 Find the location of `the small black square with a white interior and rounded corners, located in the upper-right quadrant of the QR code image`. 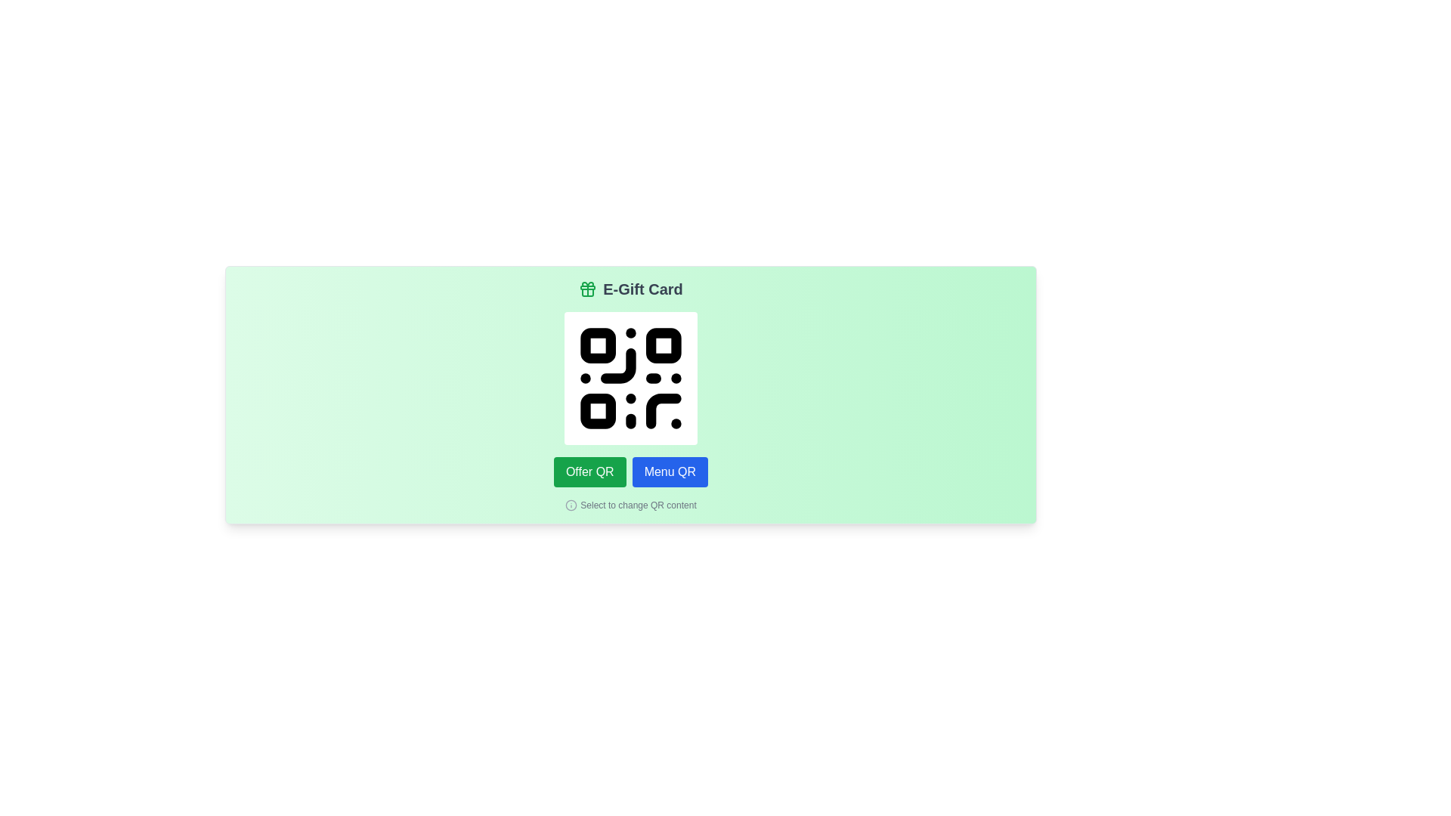

the small black square with a white interior and rounded corners, located in the upper-right quadrant of the QR code image is located at coordinates (664, 345).